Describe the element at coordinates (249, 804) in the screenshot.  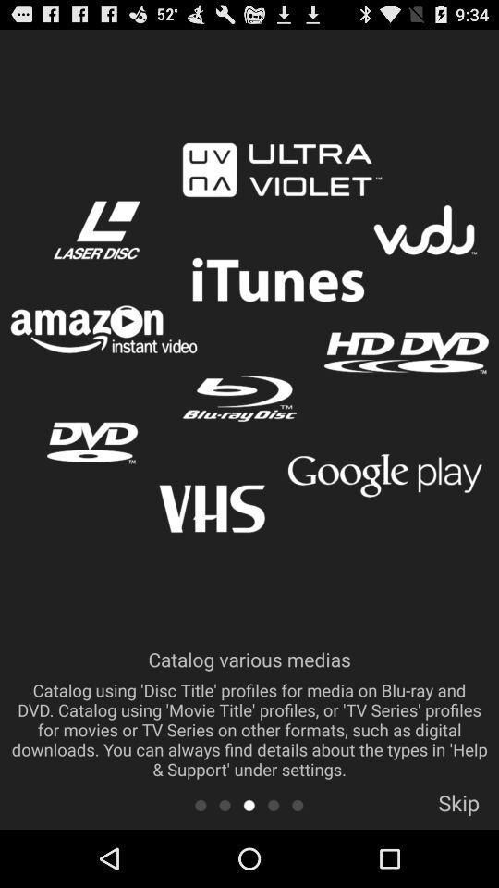
I see `third banner` at that location.